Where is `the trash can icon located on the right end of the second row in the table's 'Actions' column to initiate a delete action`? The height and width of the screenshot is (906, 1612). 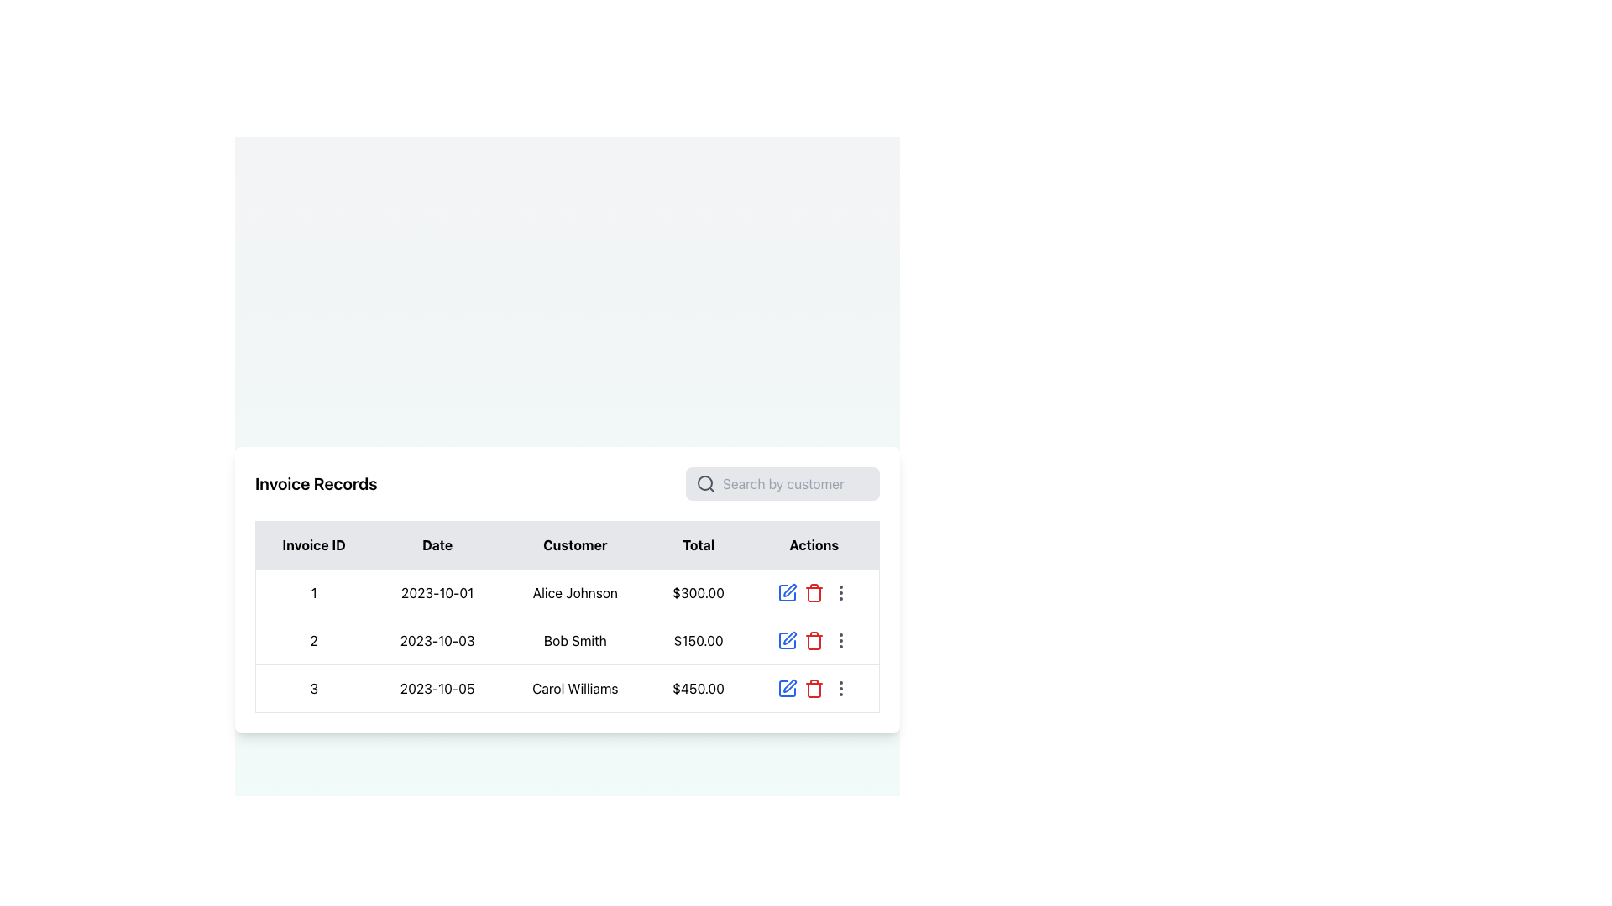
the trash can icon located on the right end of the second row in the table's 'Actions' column to initiate a delete action is located at coordinates (814, 640).